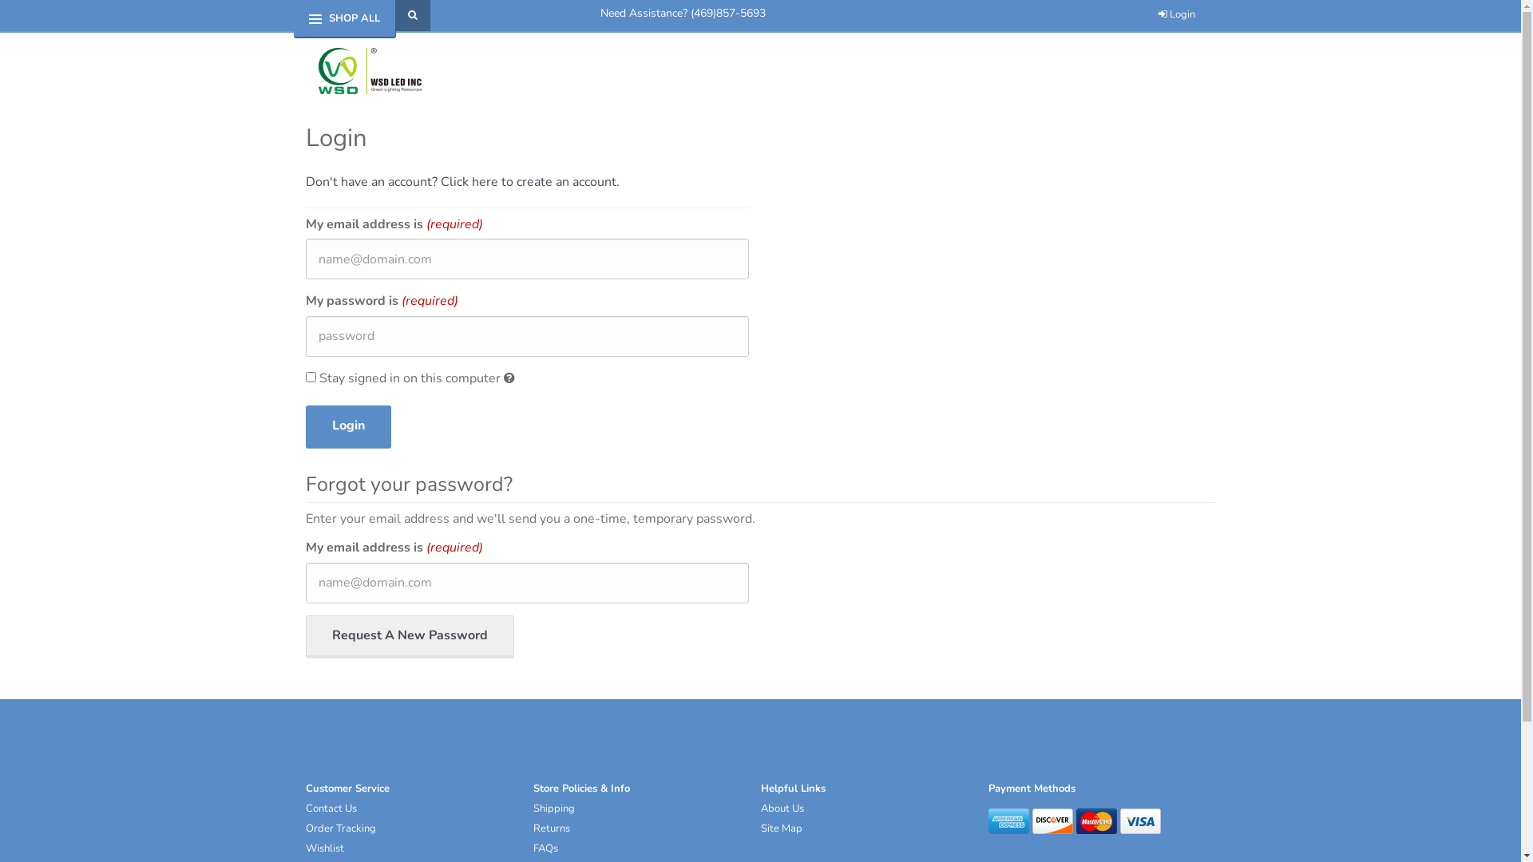 The width and height of the screenshot is (1533, 862). What do you see at coordinates (461, 180) in the screenshot?
I see `'Don't have an account? Click here to create an account.'` at bounding box center [461, 180].